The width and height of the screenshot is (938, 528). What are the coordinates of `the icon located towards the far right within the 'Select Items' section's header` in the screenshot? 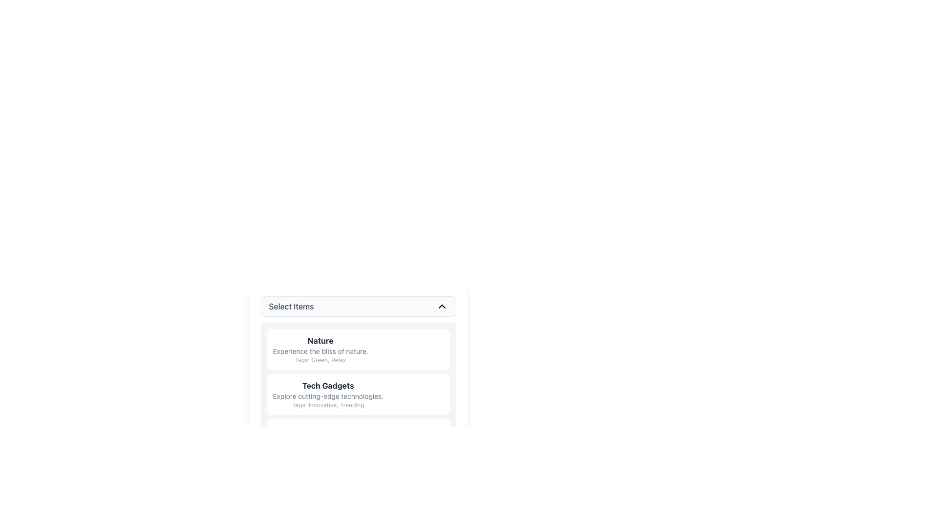 It's located at (441, 306).